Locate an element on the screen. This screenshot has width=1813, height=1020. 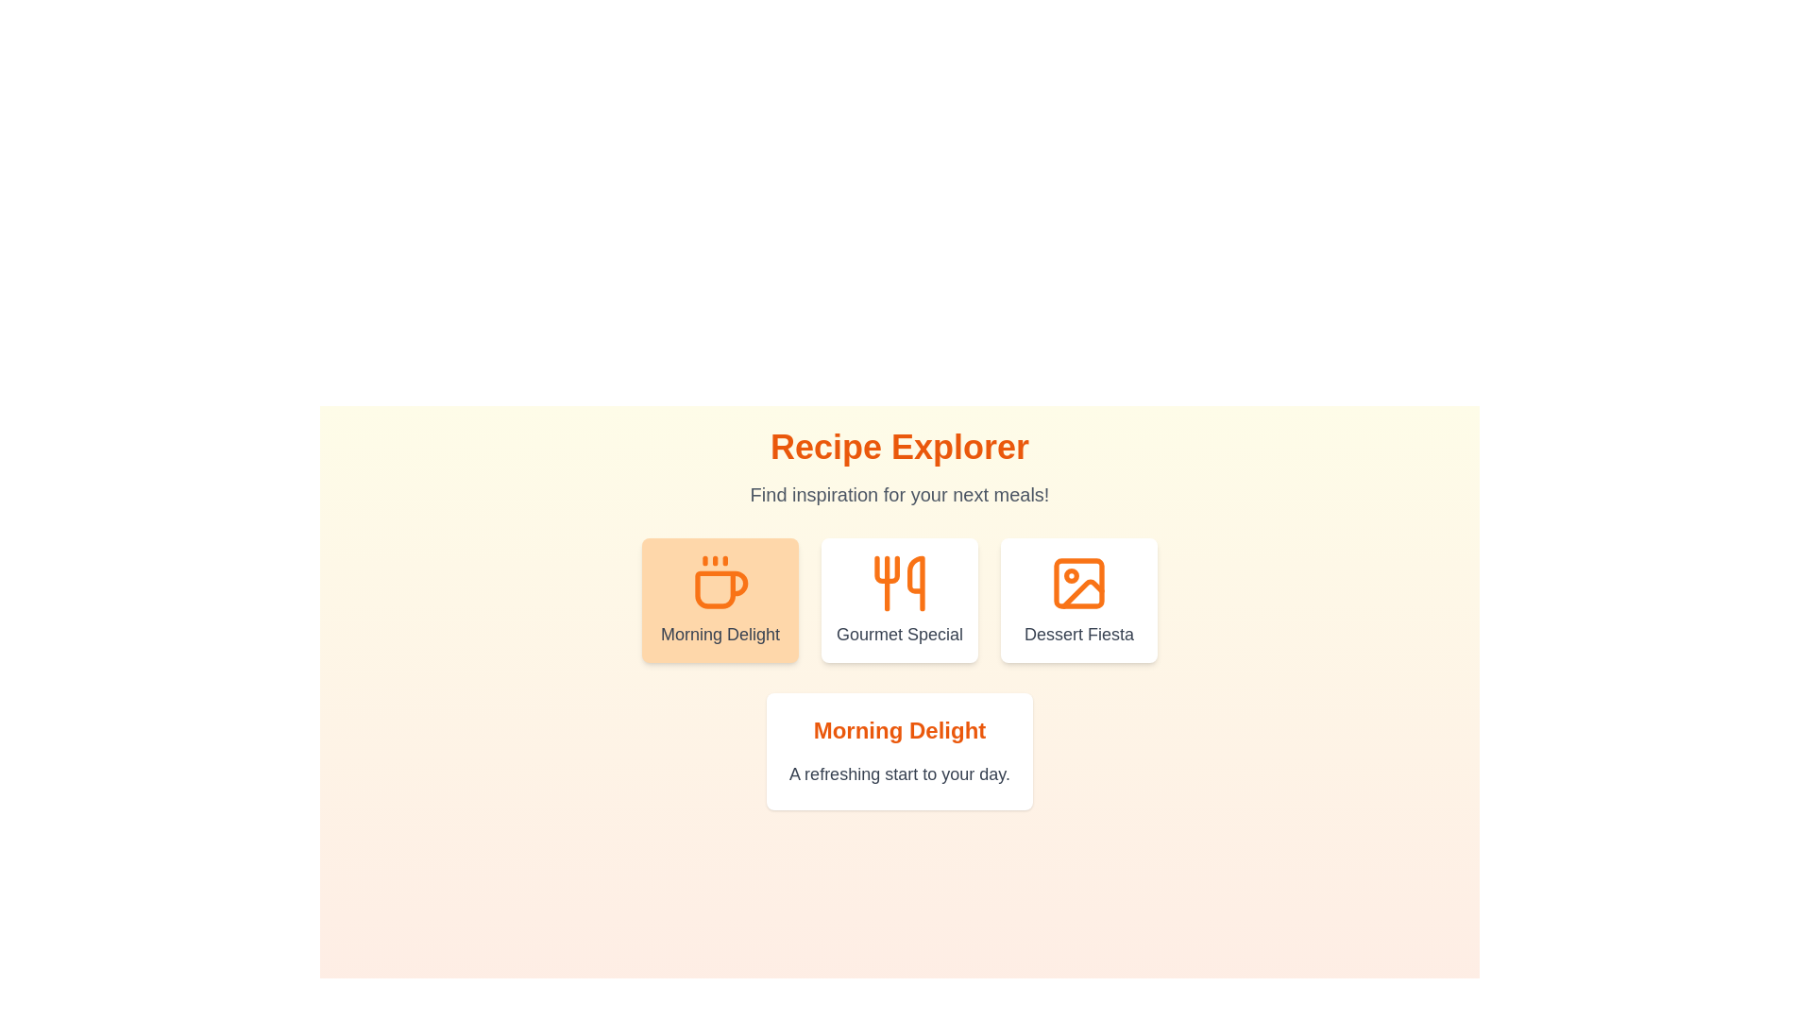
the 'Gourmet Special' icon located at the top center of the middle card in the row of three cards beneath the 'Recipe Explorer' header is located at coordinates (899, 582).